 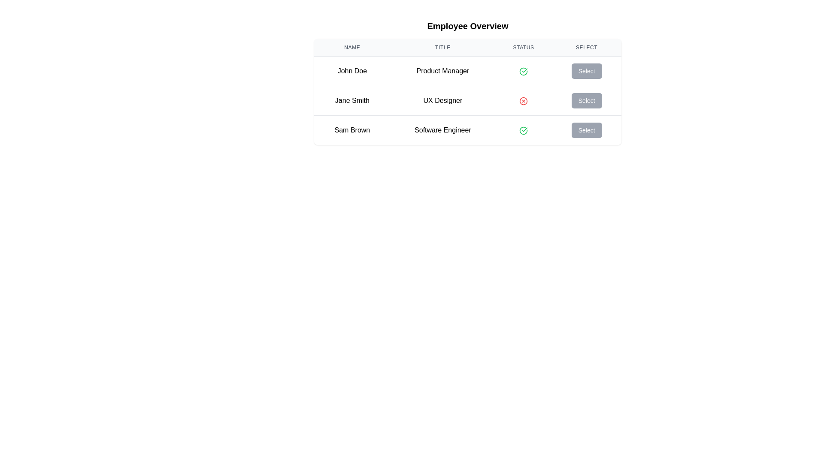 What do you see at coordinates (443, 100) in the screenshot?
I see `the text label displaying 'UX Designer' in bold black font, located in the 'TITLE' column under the row associated with 'Jane Smith'` at bounding box center [443, 100].